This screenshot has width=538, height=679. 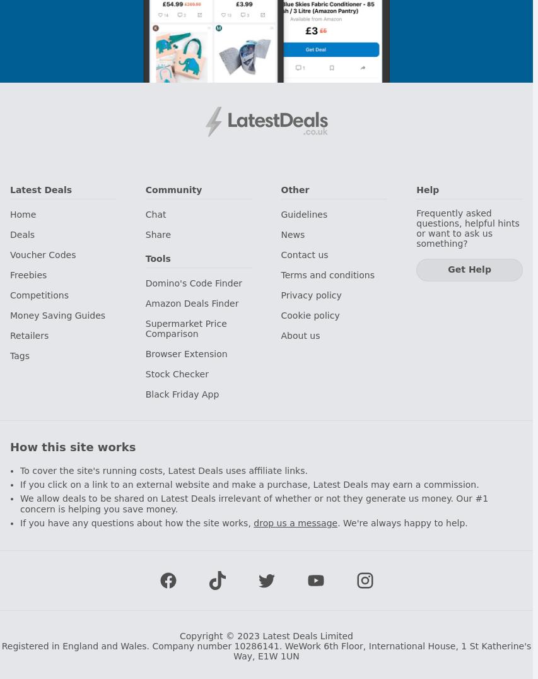 I want to click on 'Registered in England and Wales. Company number 10286141. WeWork 6th Floor, International House, 1 St Katherine's Way, E1W 1UN', so click(x=265, y=650).